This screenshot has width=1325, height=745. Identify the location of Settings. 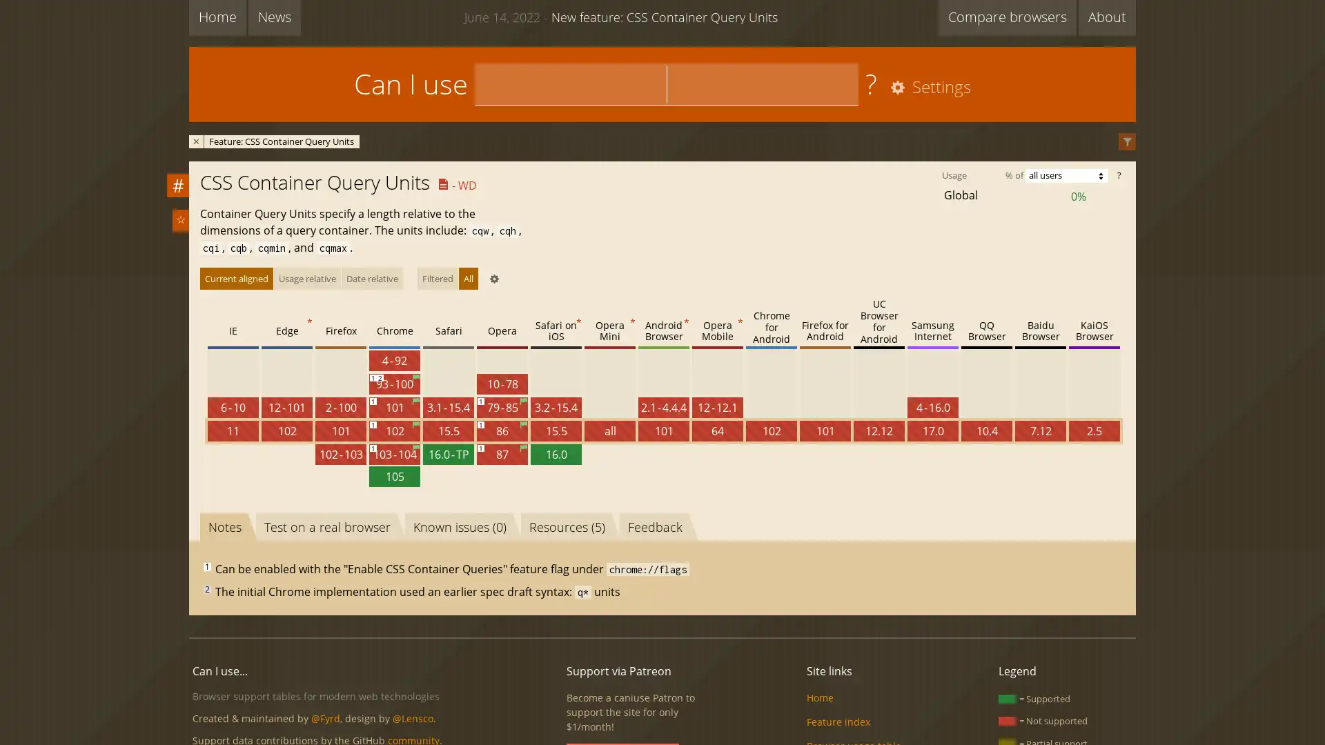
(927, 88).